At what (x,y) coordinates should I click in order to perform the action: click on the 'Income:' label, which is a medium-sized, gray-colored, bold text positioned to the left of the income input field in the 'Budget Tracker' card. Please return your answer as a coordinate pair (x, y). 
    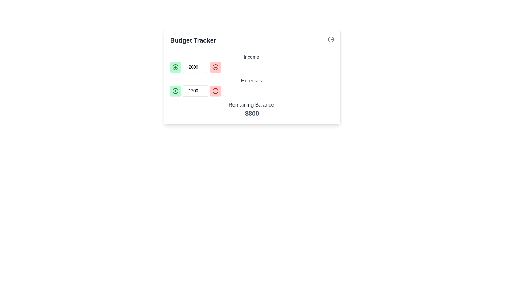
    Looking at the image, I should click on (252, 57).